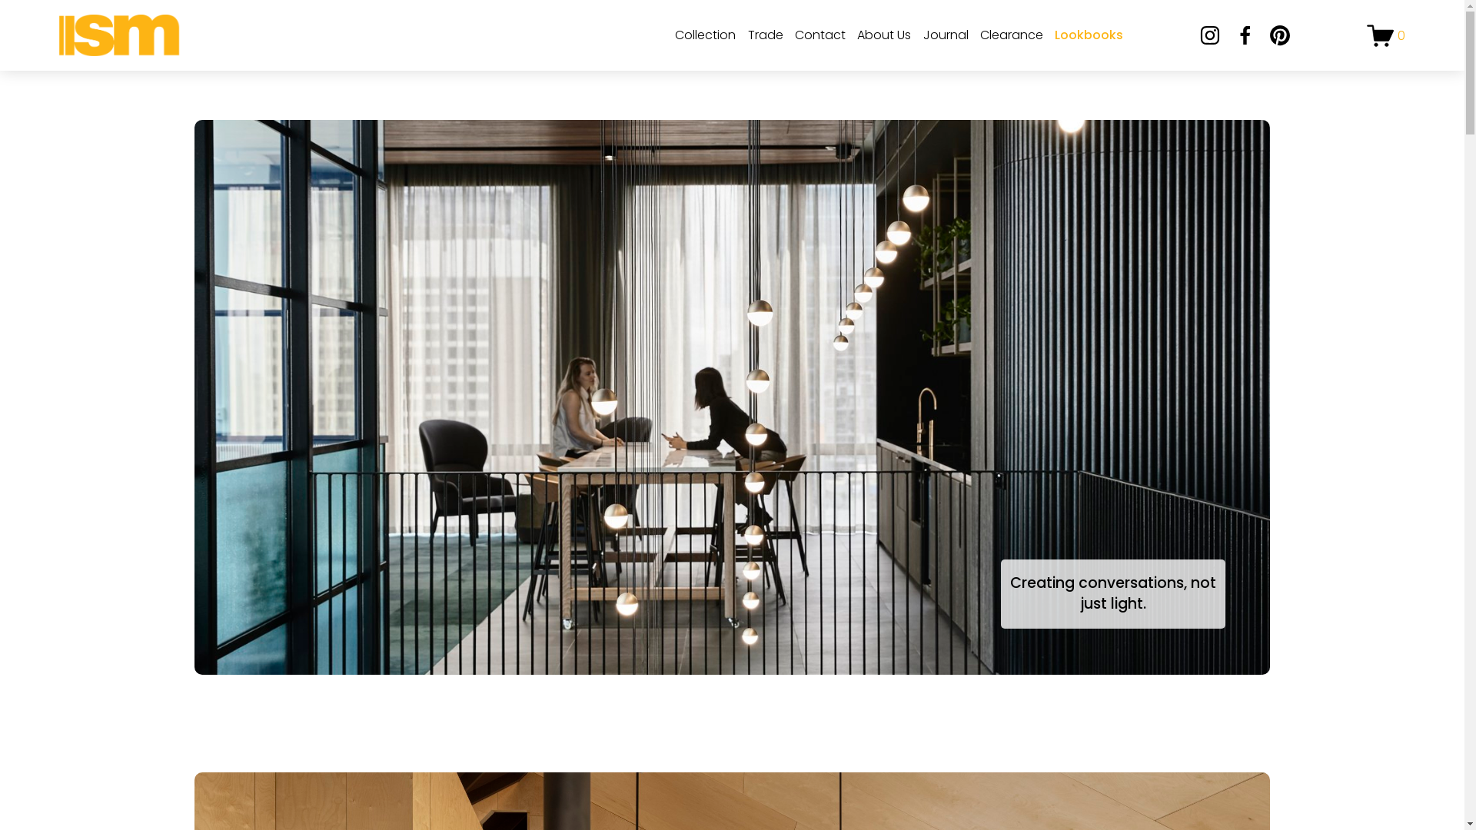 The height and width of the screenshot is (830, 1476). I want to click on 'Contact', so click(794, 35).